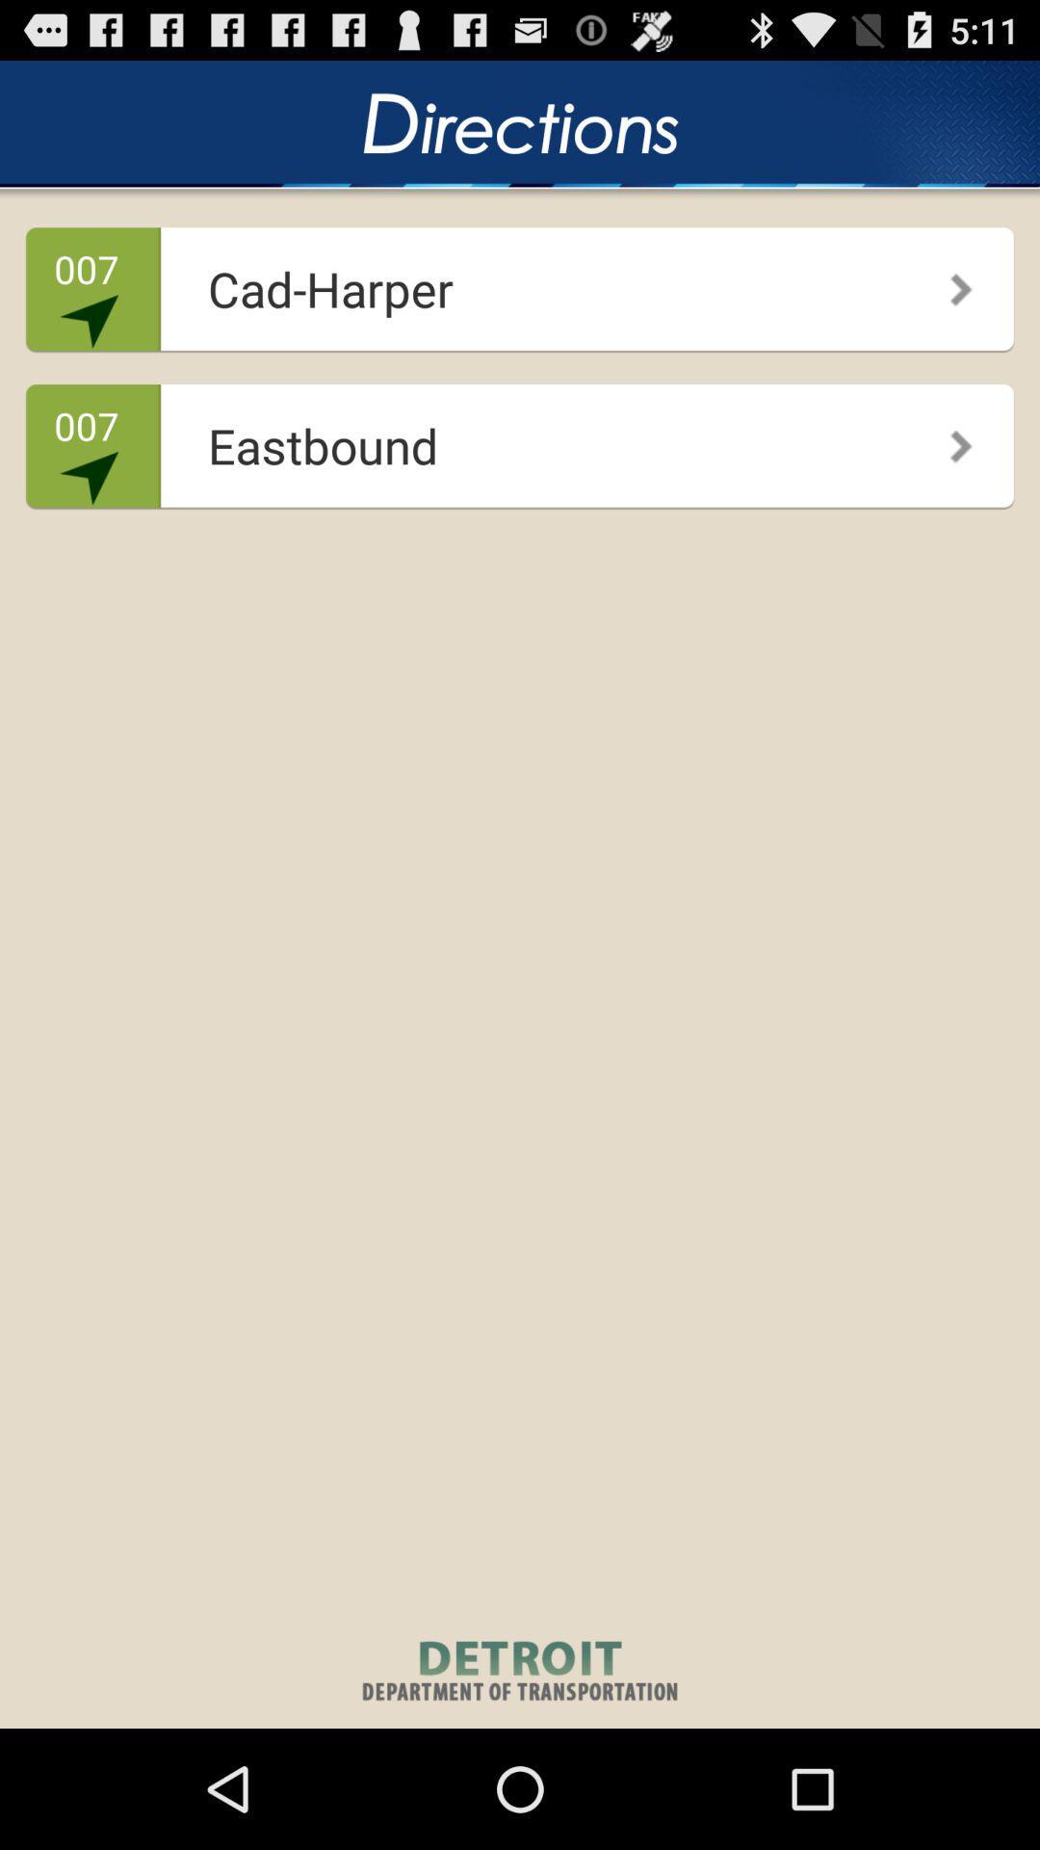  Describe the element at coordinates (513, 438) in the screenshot. I see `the icon to the right of the 007 icon` at that location.